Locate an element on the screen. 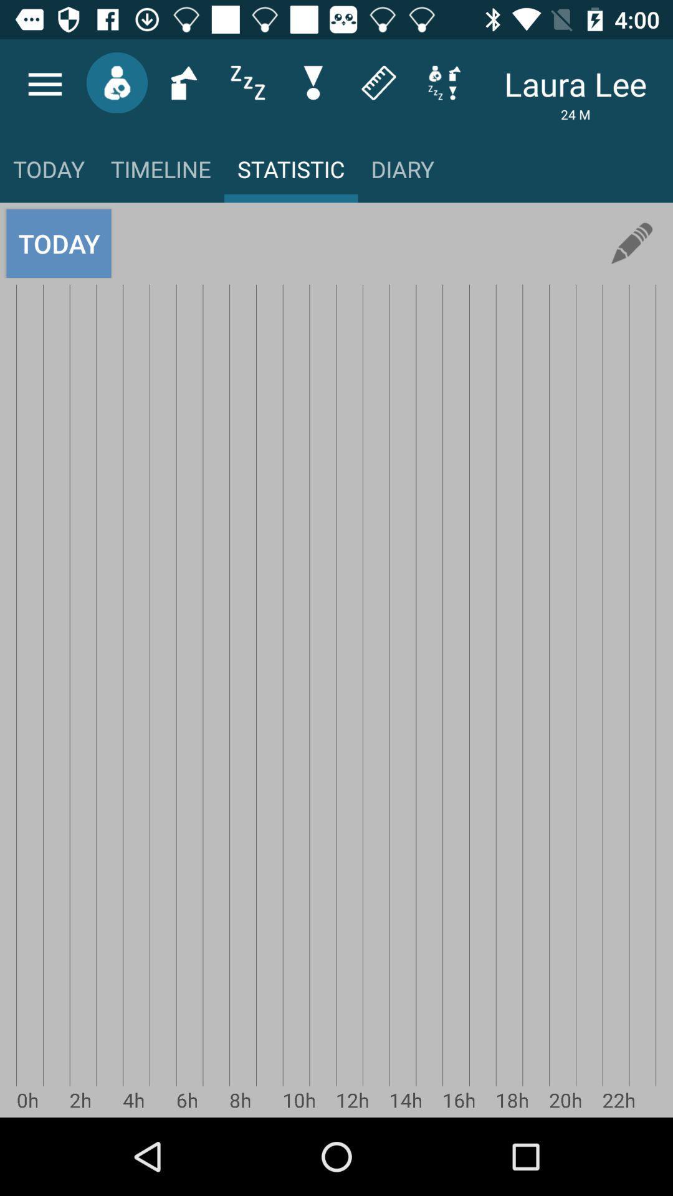 Image resolution: width=673 pixels, height=1196 pixels. item to the right of the diary item is located at coordinates (632, 244).